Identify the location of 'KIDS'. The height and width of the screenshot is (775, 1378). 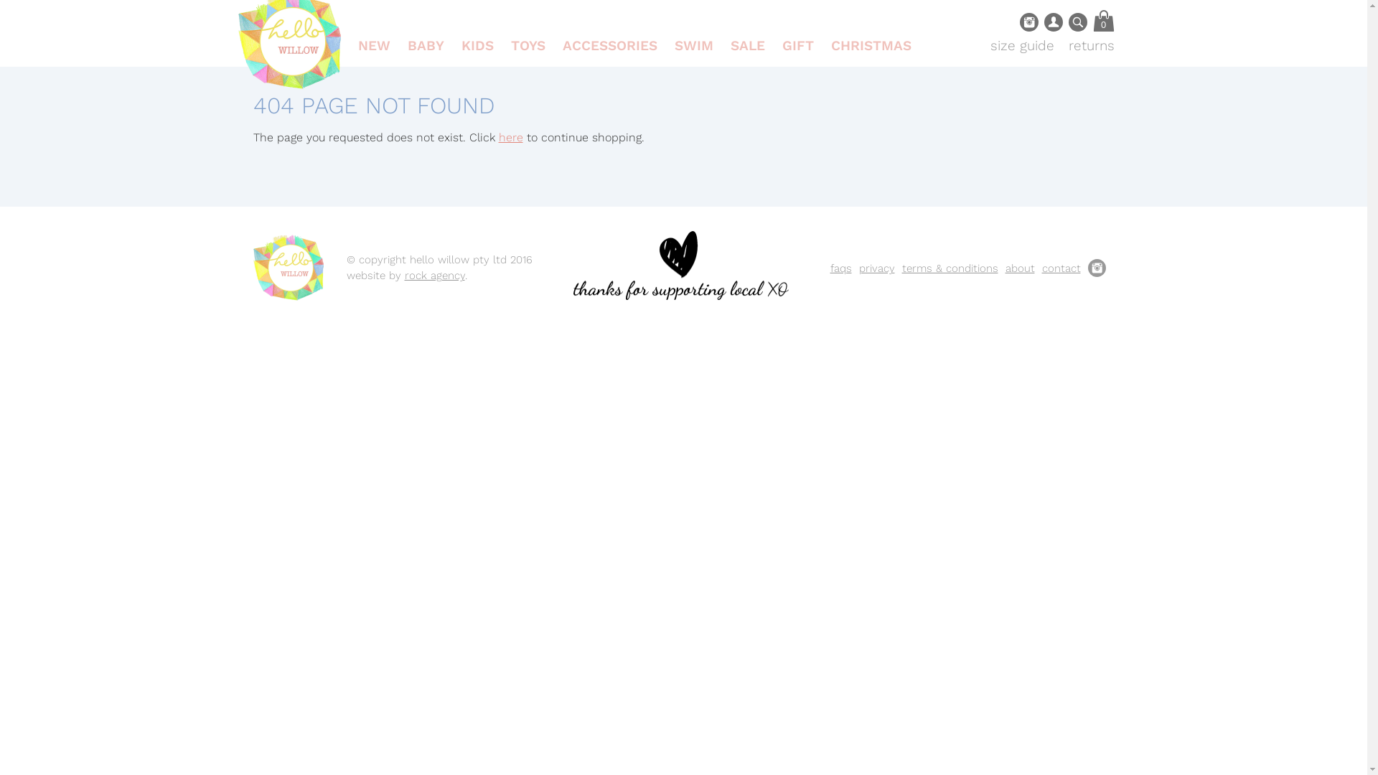
(477, 45).